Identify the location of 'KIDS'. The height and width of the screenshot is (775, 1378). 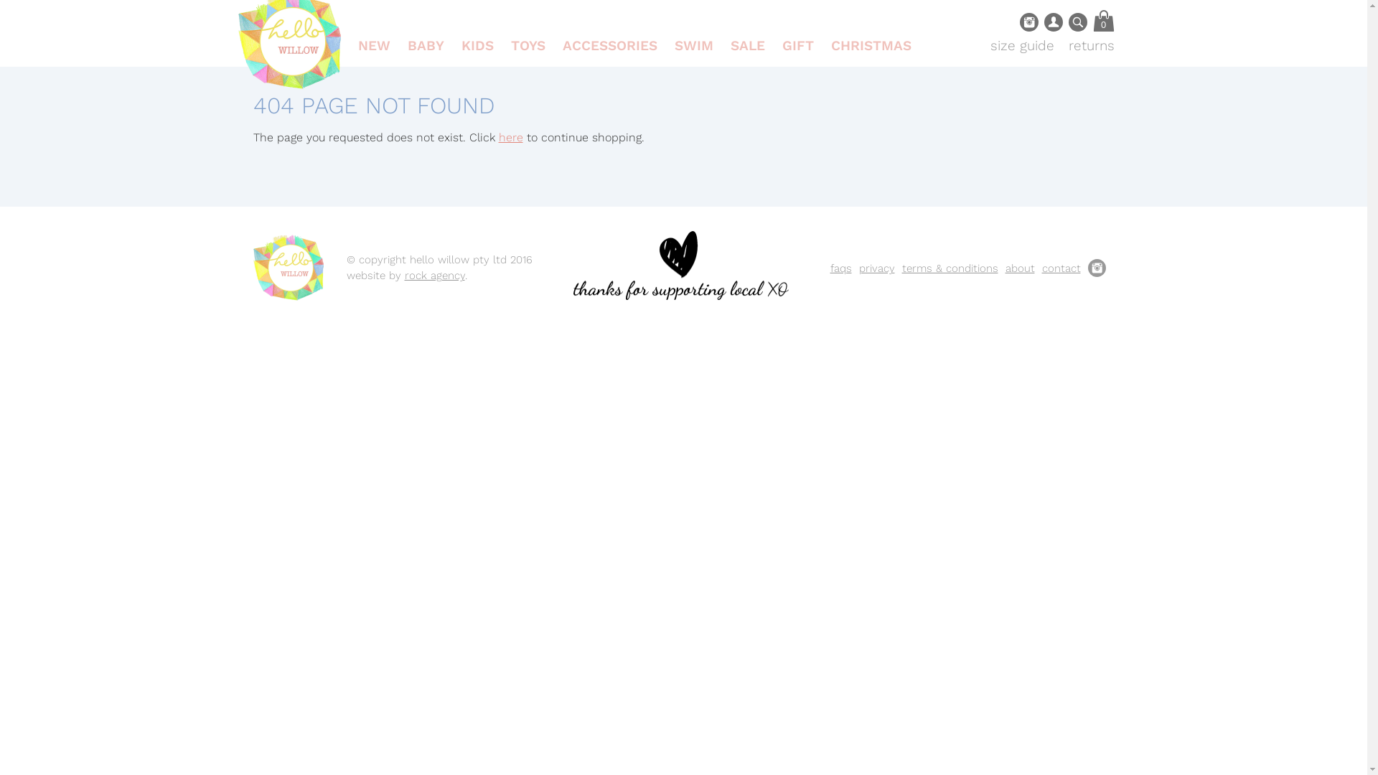
(477, 45).